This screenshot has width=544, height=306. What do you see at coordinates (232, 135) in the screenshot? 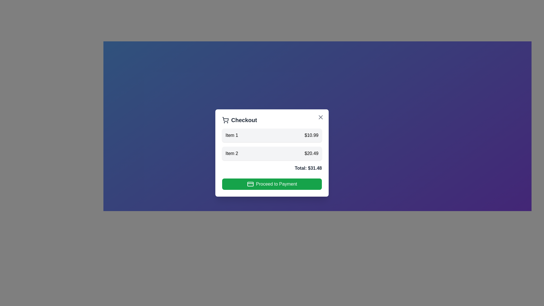
I see `the 'Item 1' text label, which is displayed in black, bold font within a light-gray, rounded rectangle background, located in the top row of the checkout modal` at bounding box center [232, 135].